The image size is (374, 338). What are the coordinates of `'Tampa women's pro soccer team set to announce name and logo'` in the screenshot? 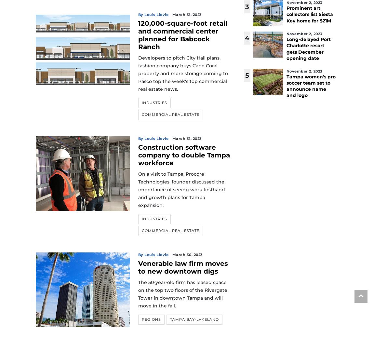 It's located at (311, 86).